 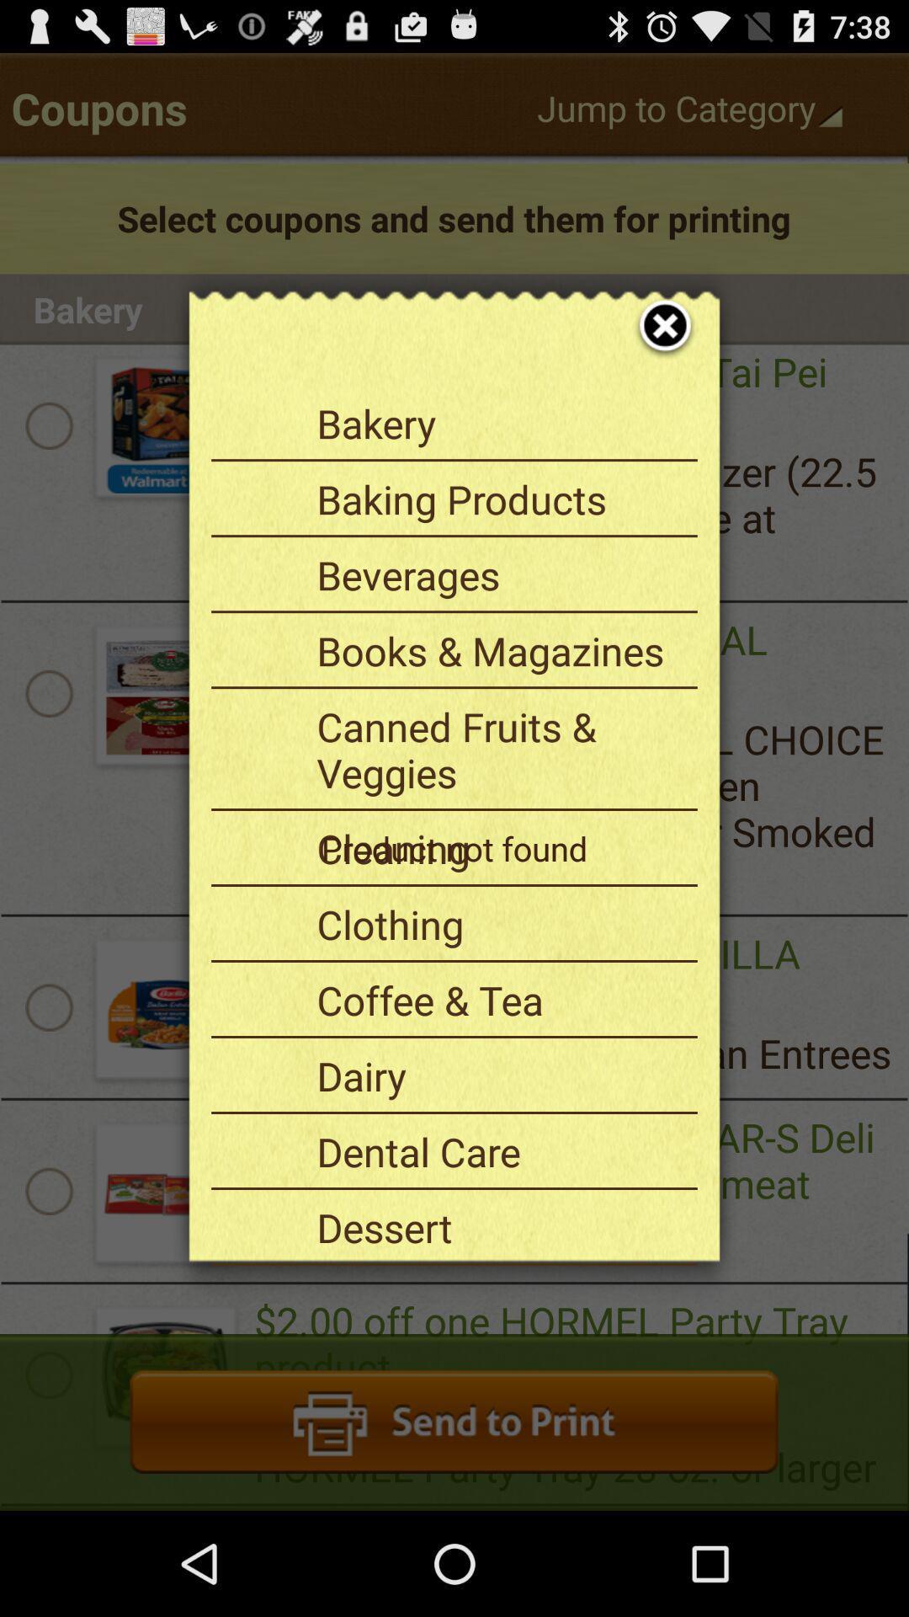 I want to click on dental care app, so click(x=500, y=1150).